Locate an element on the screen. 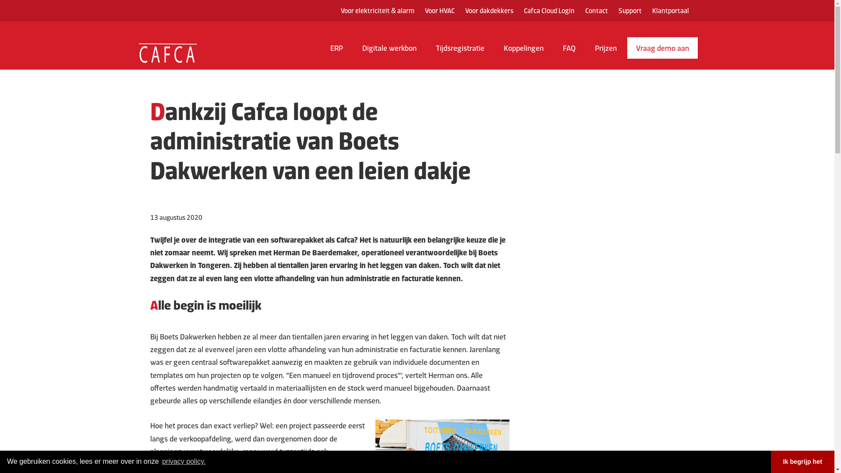 The height and width of the screenshot is (473, 841). 'Klantportaal' is located at coordinates (670, 11).